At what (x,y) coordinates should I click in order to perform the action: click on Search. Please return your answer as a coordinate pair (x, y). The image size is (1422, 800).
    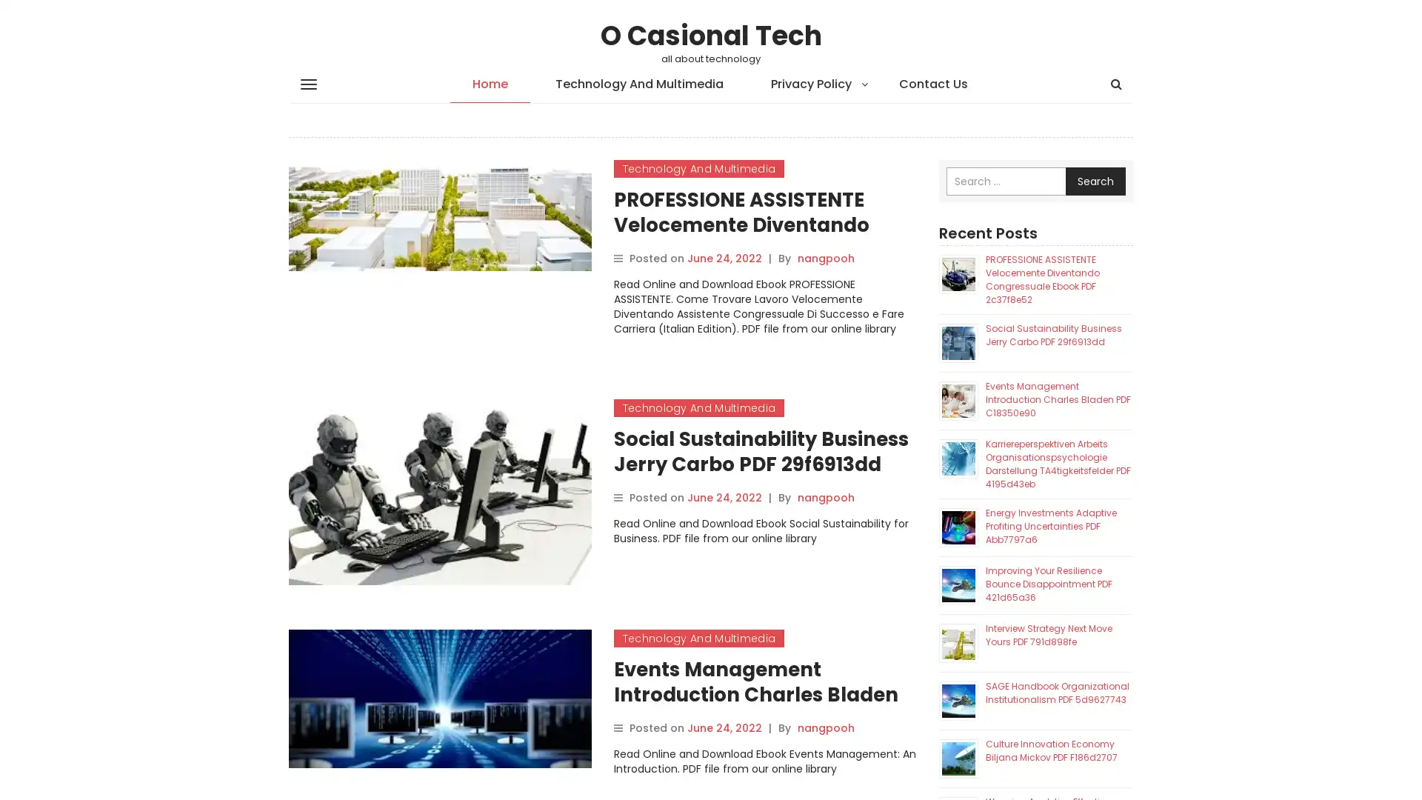
    Looking at the image, I should click on (1095, 181).